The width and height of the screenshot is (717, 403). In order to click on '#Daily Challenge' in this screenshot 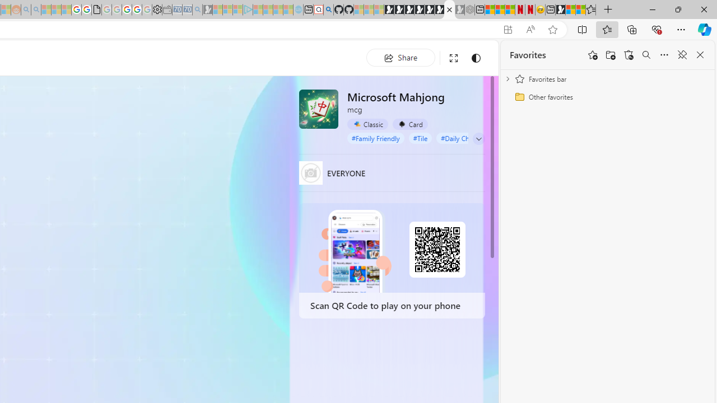, I will do `click(466, 137)`.